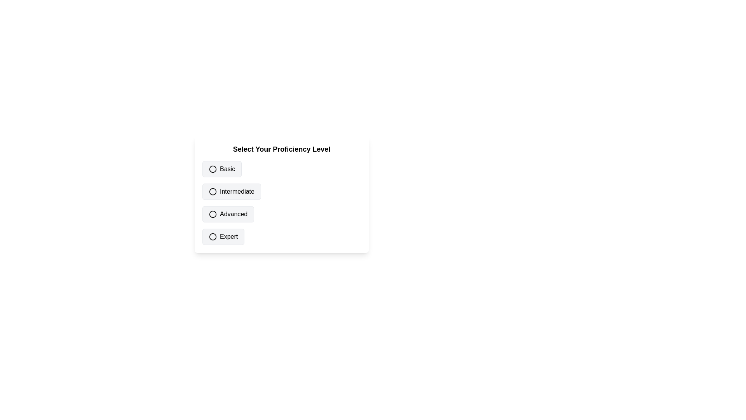 This screenshot has width=746, height=420. Describe the element at coordinates (213, 236) in the screenshot. I see `the selectable circle icon next to the text 'Expert' to prepare for selection` at that location.